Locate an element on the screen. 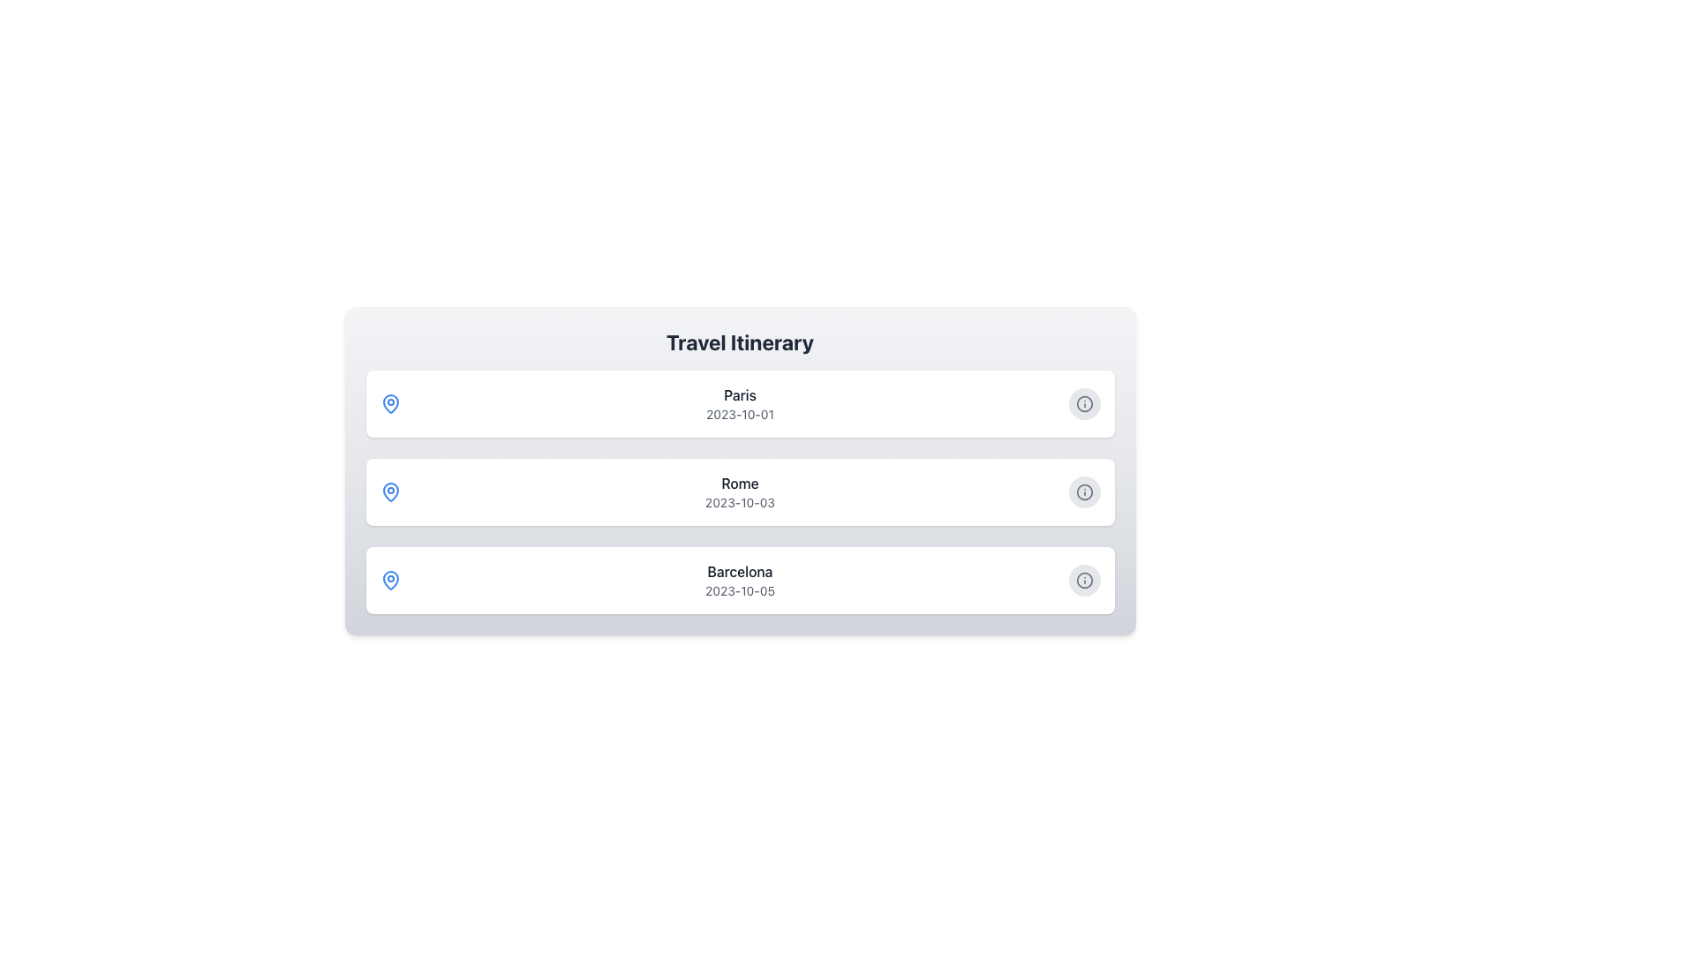 The image size is (1695, 953). the text label displaying 'Rome', which is positioned above the date label '2023-10-03' in a vertically stacked list of travel destinations is located at coordinates (740, 483).